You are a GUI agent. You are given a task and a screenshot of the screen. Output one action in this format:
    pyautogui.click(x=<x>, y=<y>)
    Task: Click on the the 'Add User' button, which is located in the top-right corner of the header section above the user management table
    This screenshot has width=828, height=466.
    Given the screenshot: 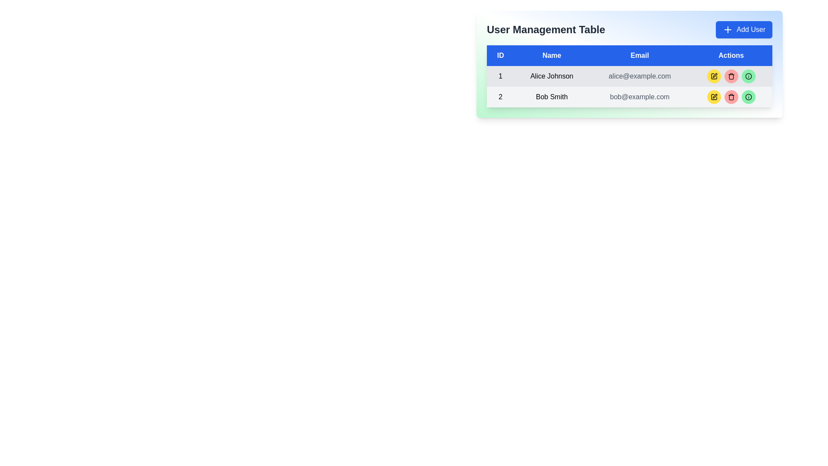 What is the action you would take?
    pyautogui.click(x=743, y=29)
    